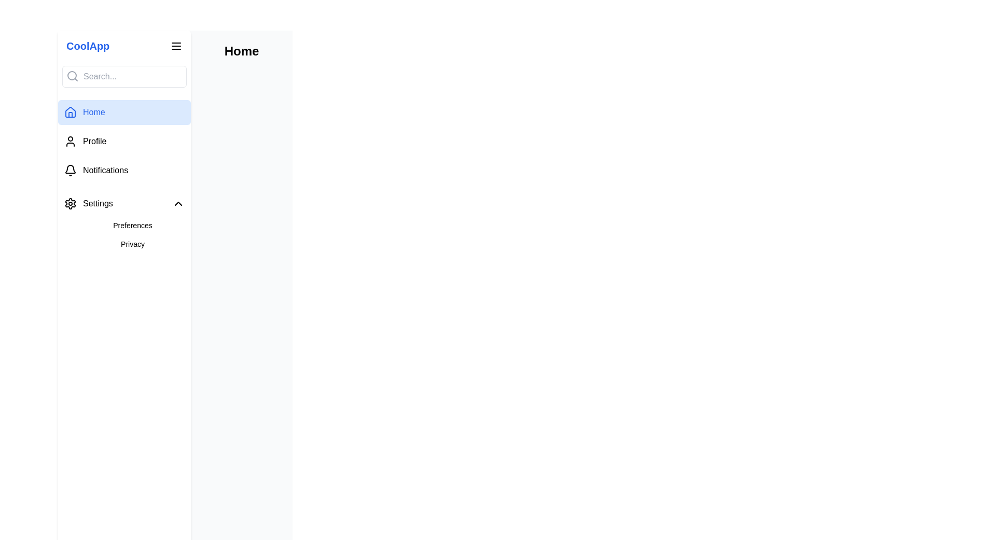 This screenshot has height=560, width=996. Describe the element at coordinates (70, 112) in the screenshot. I see `the house icon in the navigation menu on the left side of the interface` at that location.